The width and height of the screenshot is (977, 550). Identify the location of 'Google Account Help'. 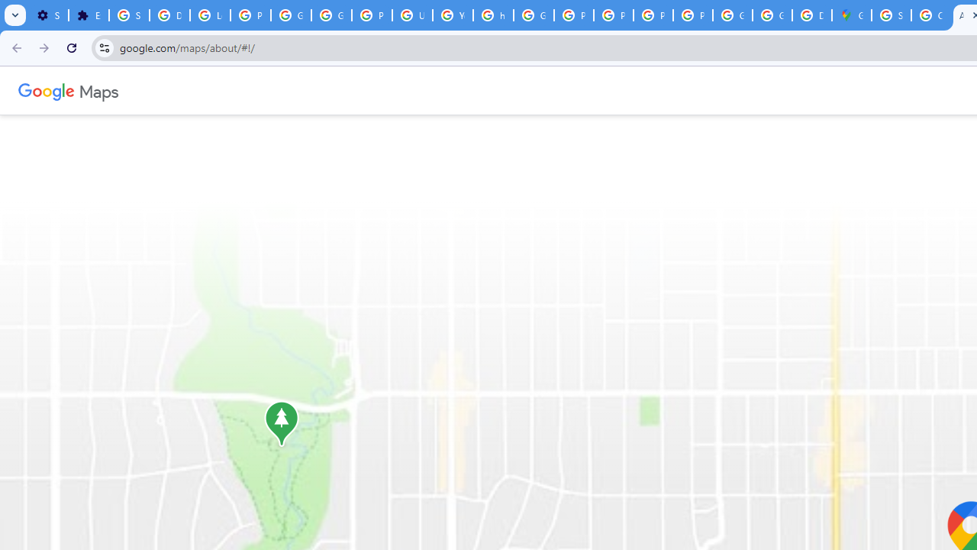
(291, 15).